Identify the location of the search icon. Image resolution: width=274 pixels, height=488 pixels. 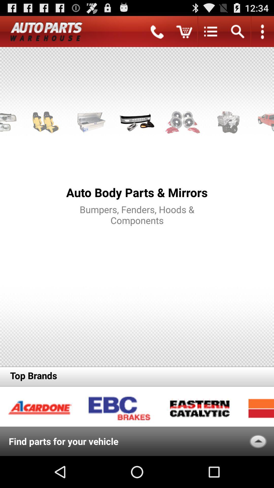
(237, 33).